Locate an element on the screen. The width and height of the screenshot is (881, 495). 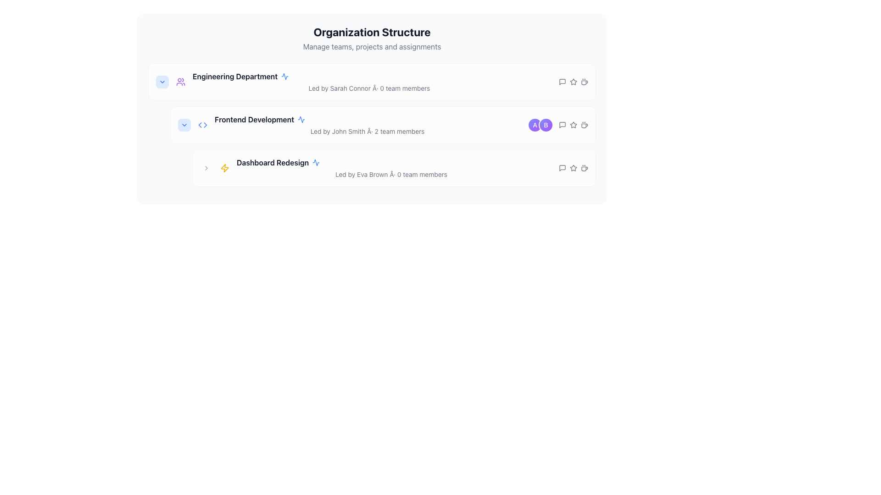
the text display element labeled 'Engineering Department' is located at coordinates (369, 81).